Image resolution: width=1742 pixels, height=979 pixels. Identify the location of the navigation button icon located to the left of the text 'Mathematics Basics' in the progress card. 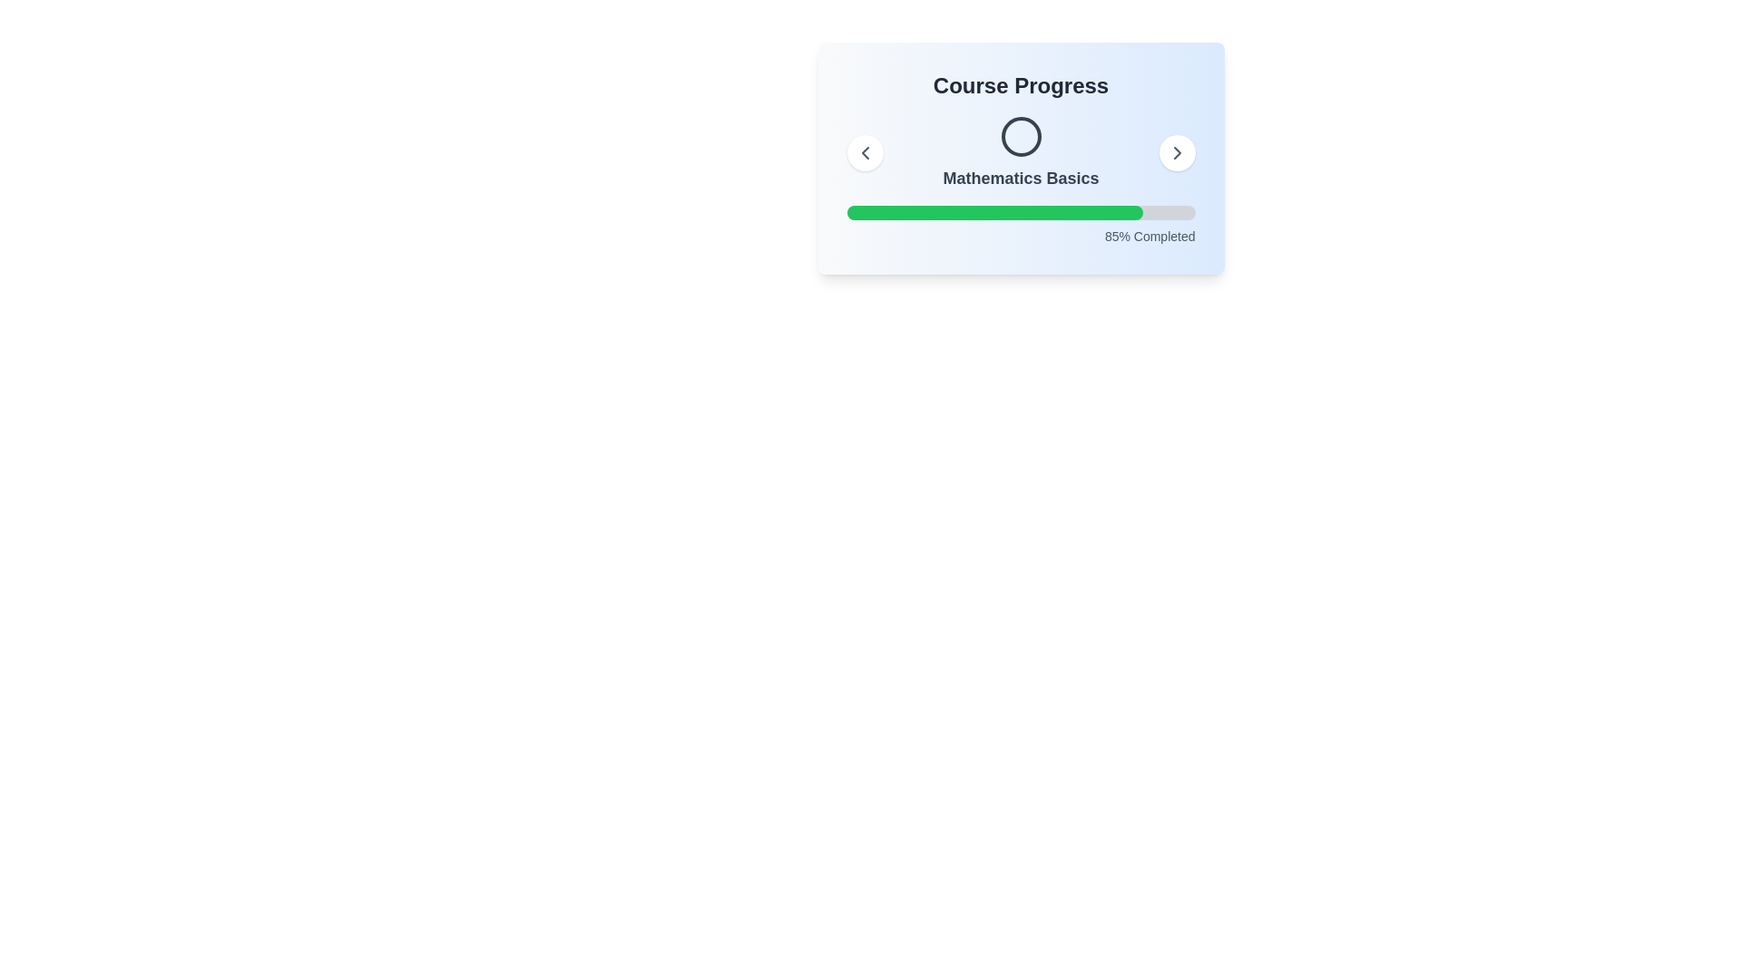
(864, 152).